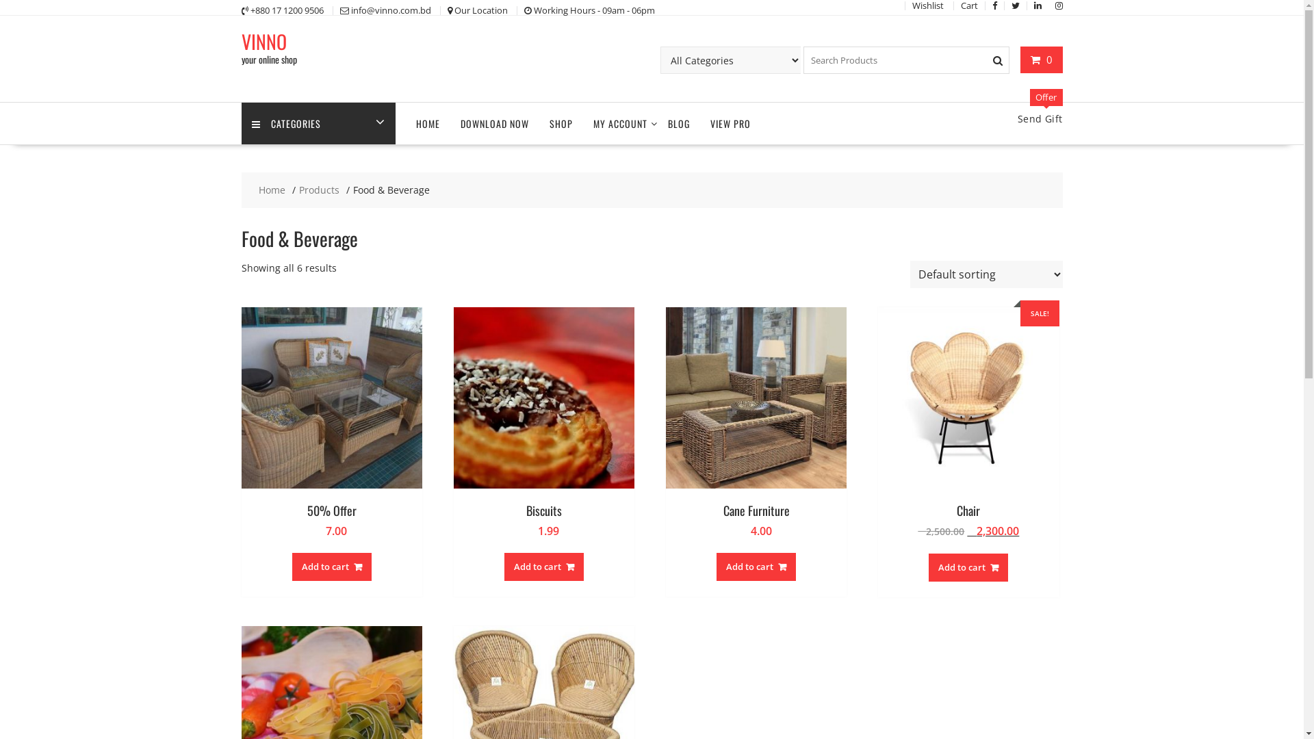  What do you see at coordinates (426, 123) in the screenshot?
I see `'HOME'` at bounding box center [426, 123].